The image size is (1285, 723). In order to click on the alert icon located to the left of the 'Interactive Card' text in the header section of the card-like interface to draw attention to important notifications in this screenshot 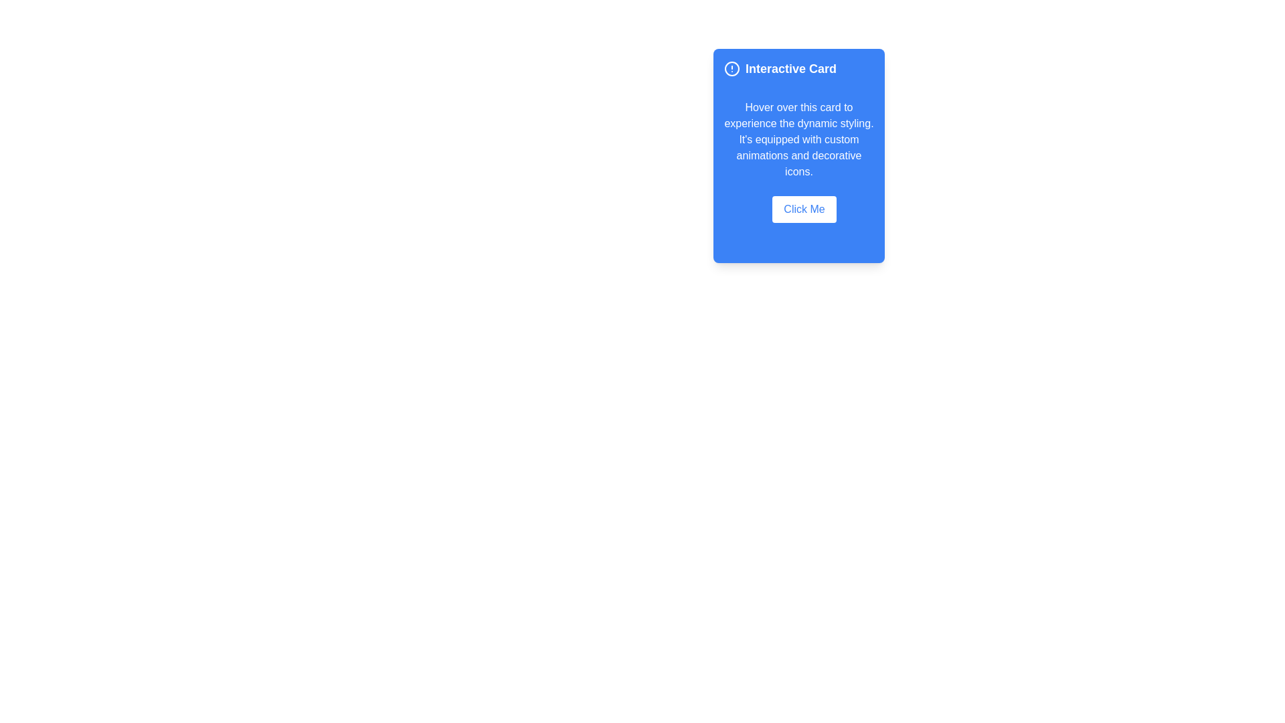, I will do `click(732, 69)`.